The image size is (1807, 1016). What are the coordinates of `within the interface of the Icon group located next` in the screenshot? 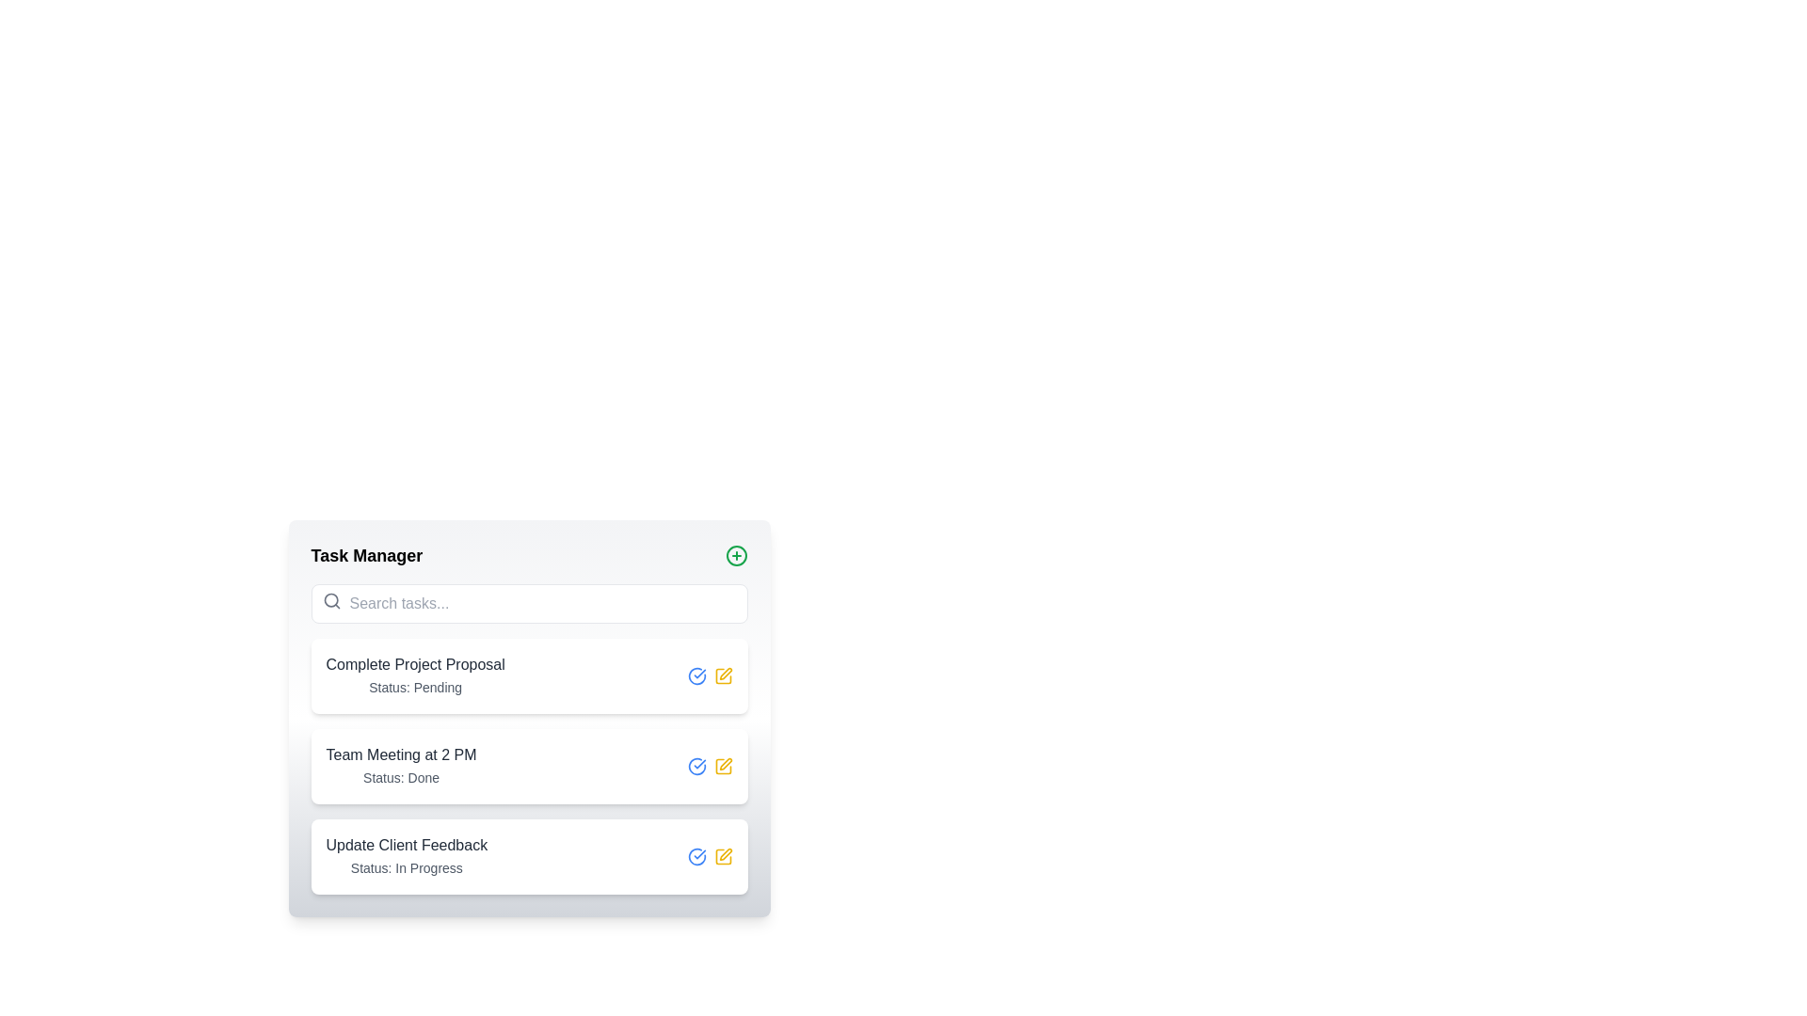 It's located at (709, 675).